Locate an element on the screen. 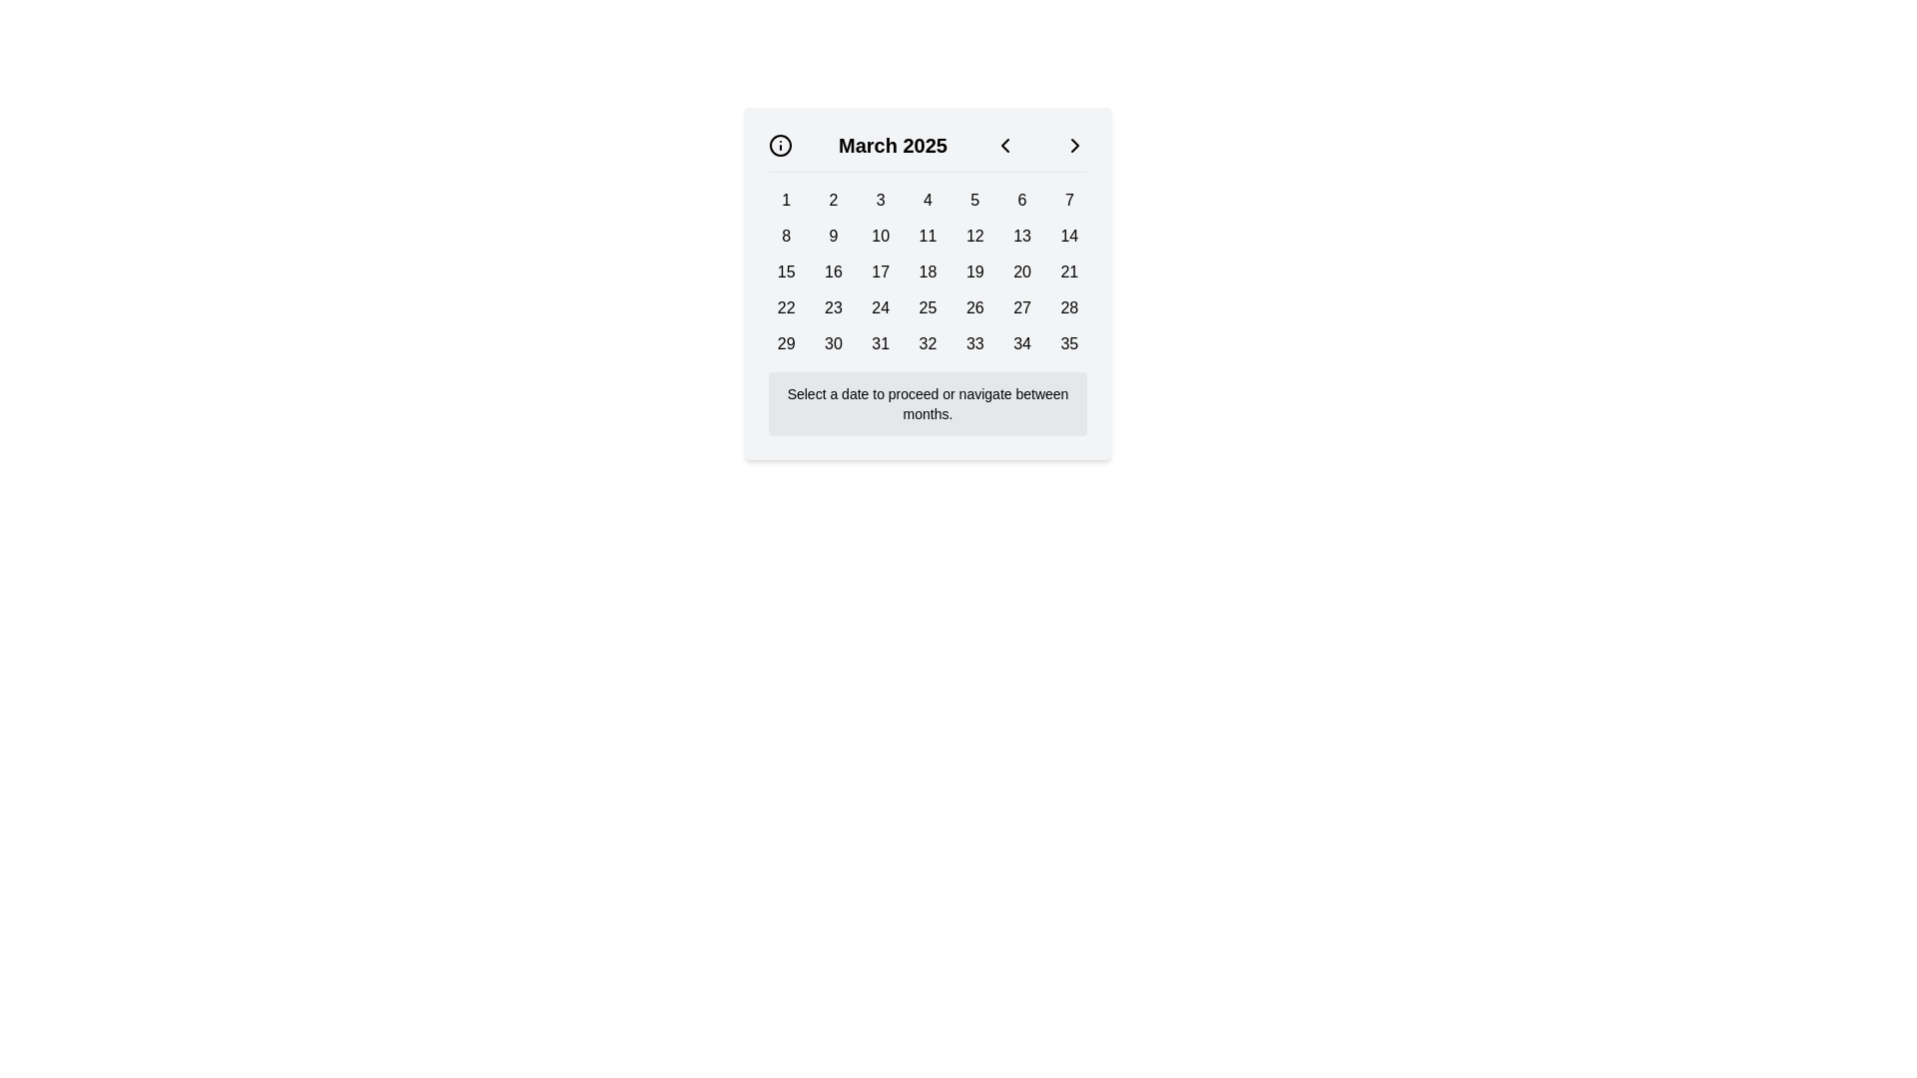 The image size is (1917, 1078). the button displaying '24' in bold black font located in the fourth row and fourth column of the calendar grid to focus on it is located at coordinates (880, 307).